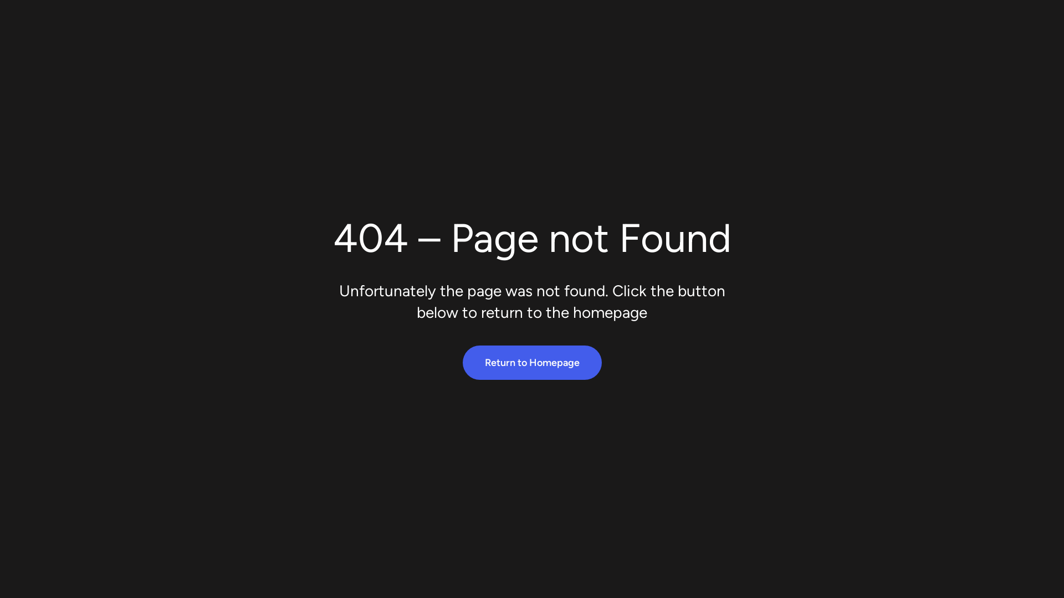 The height and width of the screenshot is (598, 1064). Describe the element at coordinates (531, 363) in the screenshot. I see `'Return to Homepage'` at that location.